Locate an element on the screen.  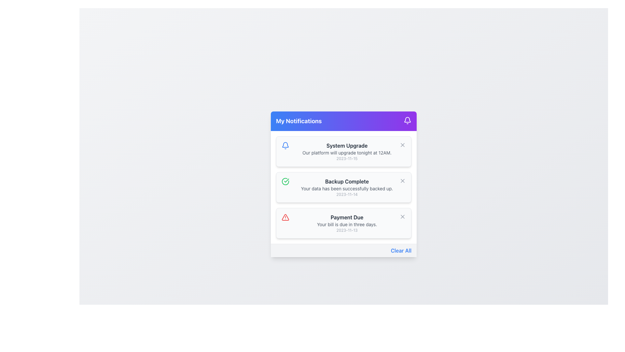
title text of the first notification card in the 'My Notifications' panel, located at the top above the additional text and date is located at coordinates (346, 145).